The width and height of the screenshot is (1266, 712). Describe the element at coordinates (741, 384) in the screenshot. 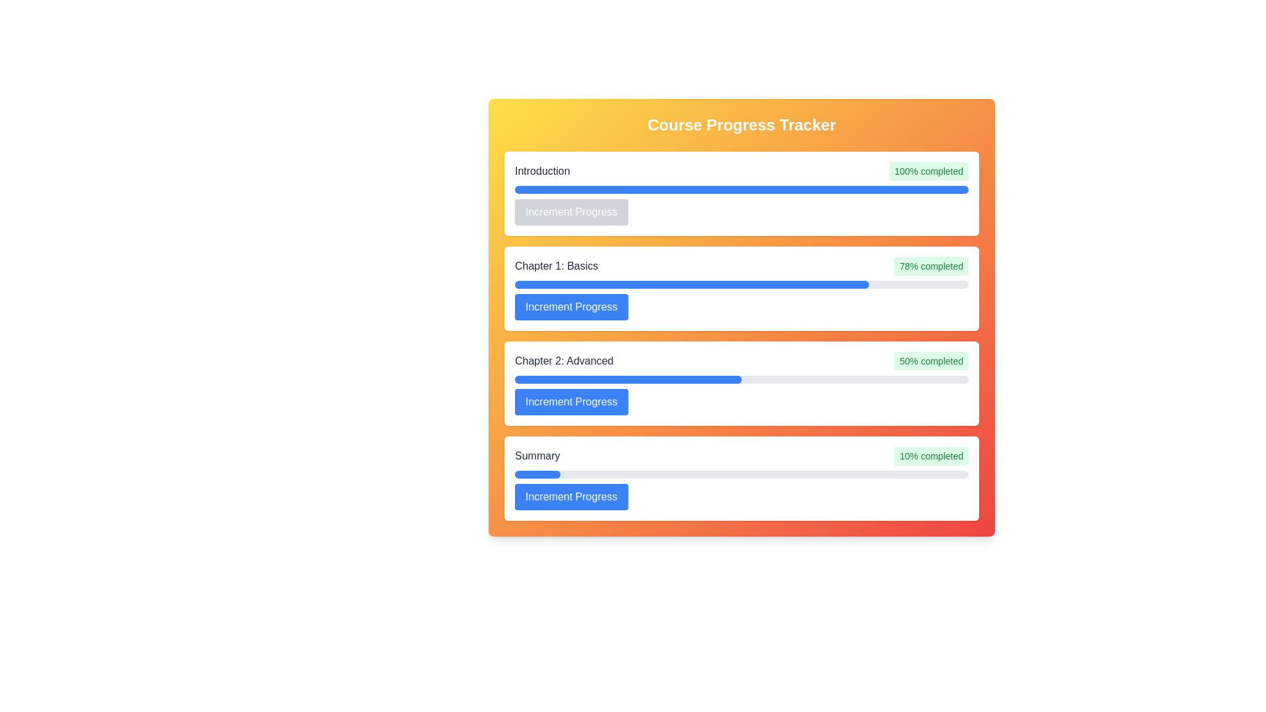

I see `progress details of the Chapter 2 card in the course tracker, which includes the chapter title, current progress percentage, and an 'Increment Progress' button` at that location.